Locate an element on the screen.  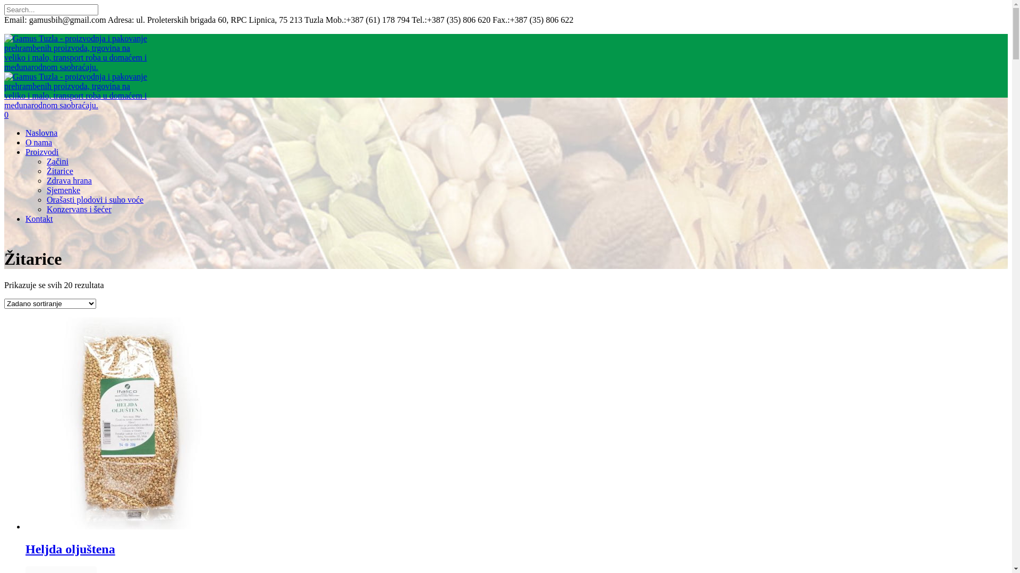
'0' is located at coordinates (6, 115).